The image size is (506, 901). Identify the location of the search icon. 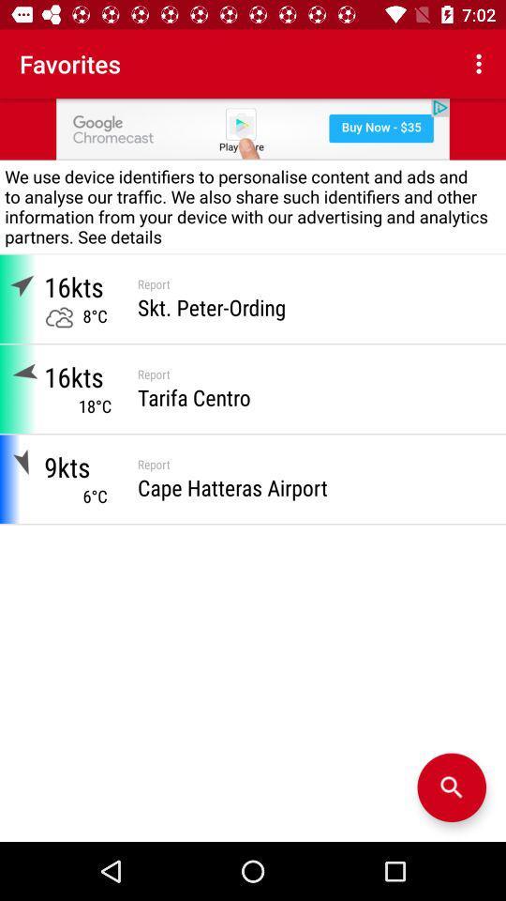
(451, 787).